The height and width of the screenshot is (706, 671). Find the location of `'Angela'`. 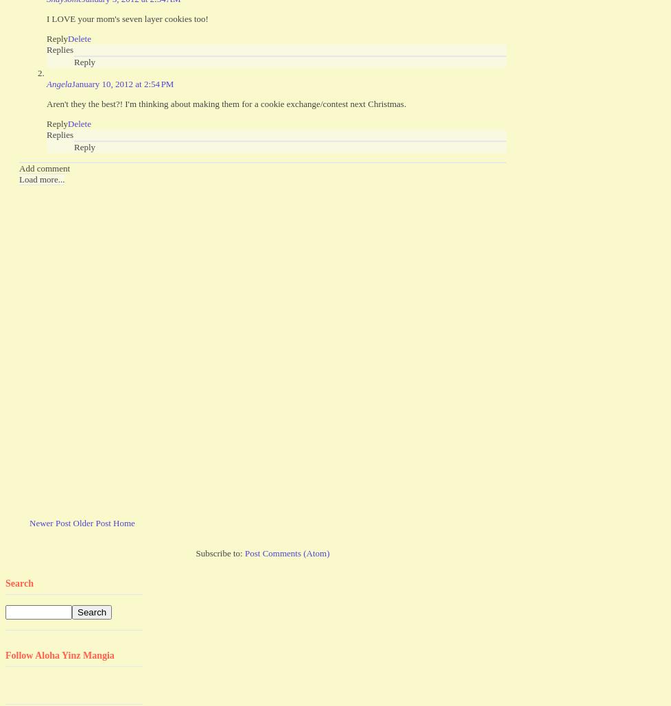

'Angela' is located at coordinates (58, 82).